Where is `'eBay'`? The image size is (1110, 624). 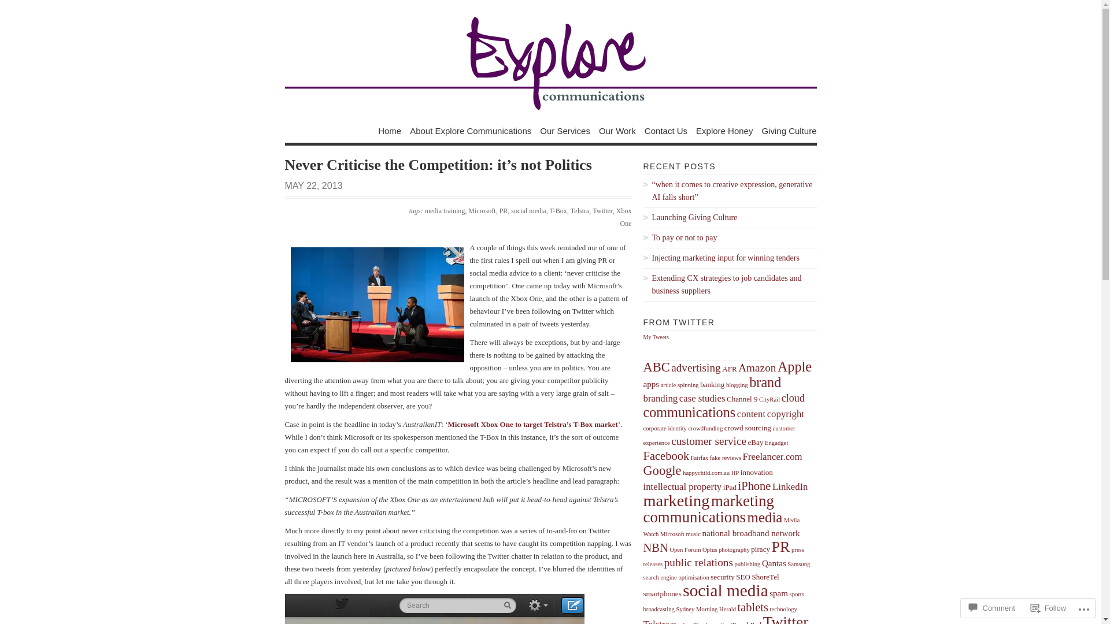 'eBay' is located at coordinates (748, 442).